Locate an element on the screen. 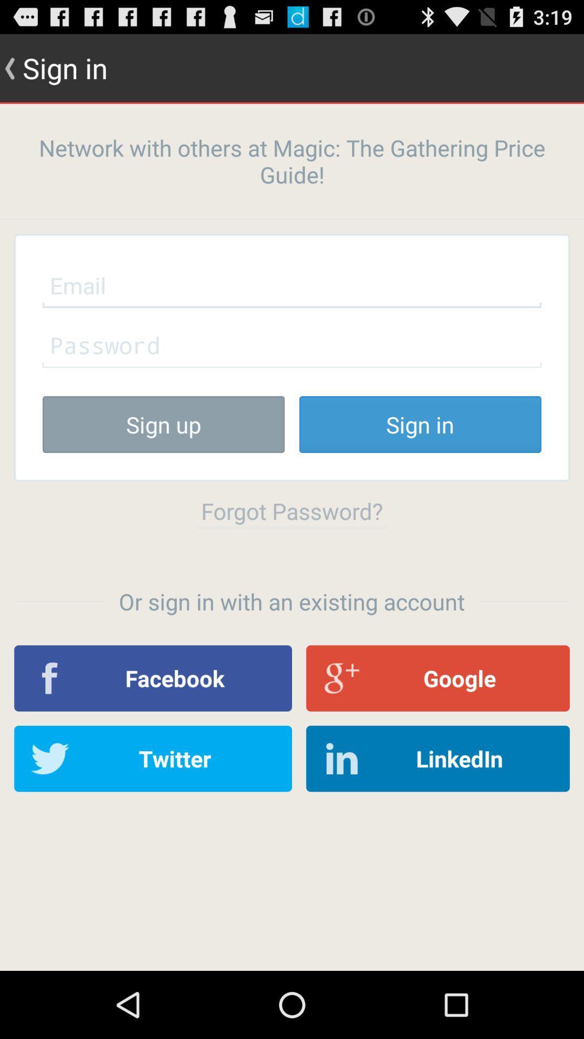 The image size is (584, 1039). item at the bottom right corner is located at coordinates (438, 758).